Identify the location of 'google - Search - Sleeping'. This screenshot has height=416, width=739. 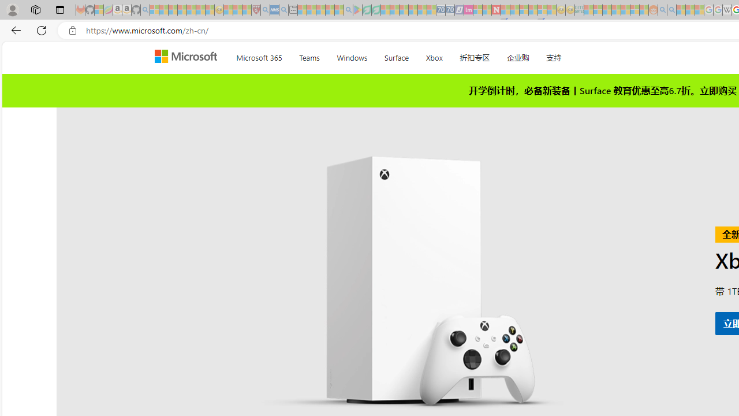
(348, 10).